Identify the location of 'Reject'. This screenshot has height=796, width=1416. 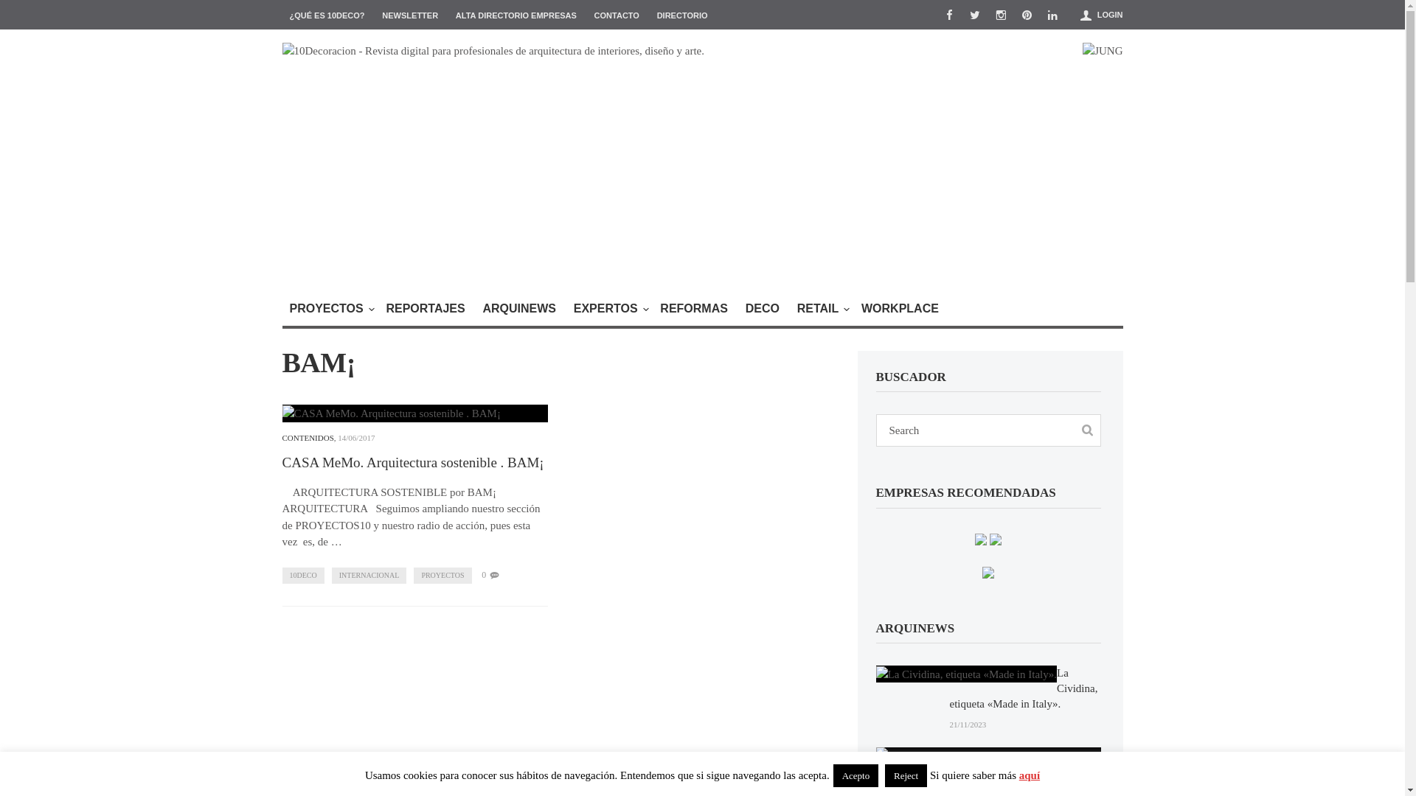
(905, 775).